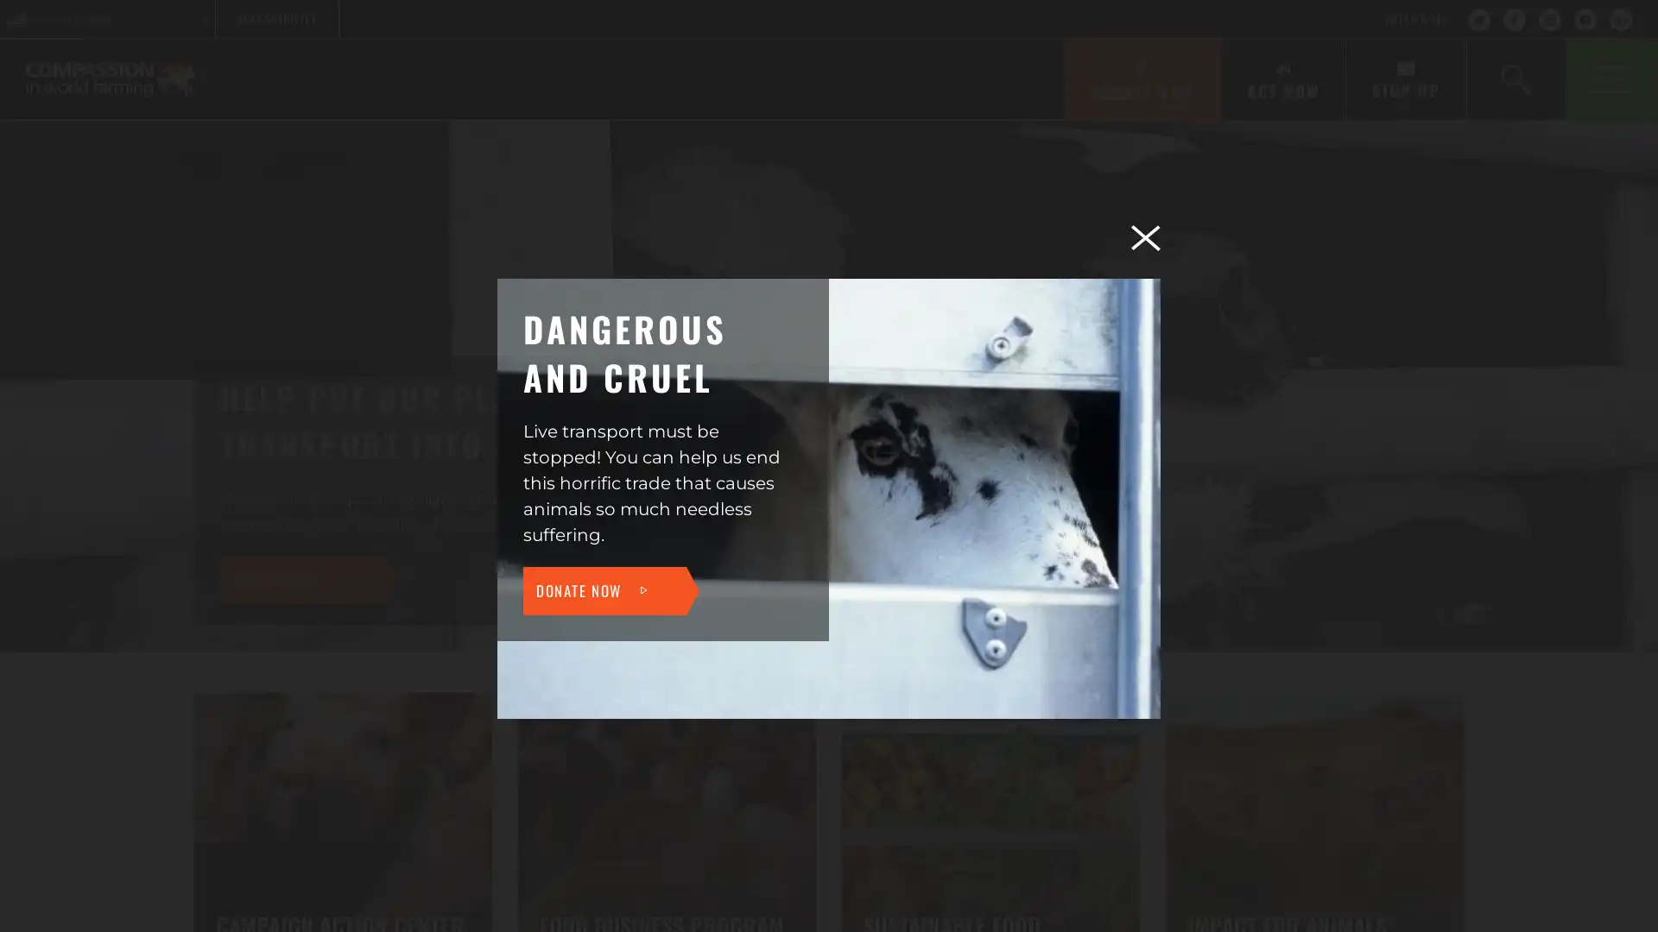 This screenshot has height=932, width=1658. Describe the element at coordinates (1145, 236) in the screenshot. I see `Close` at that location.